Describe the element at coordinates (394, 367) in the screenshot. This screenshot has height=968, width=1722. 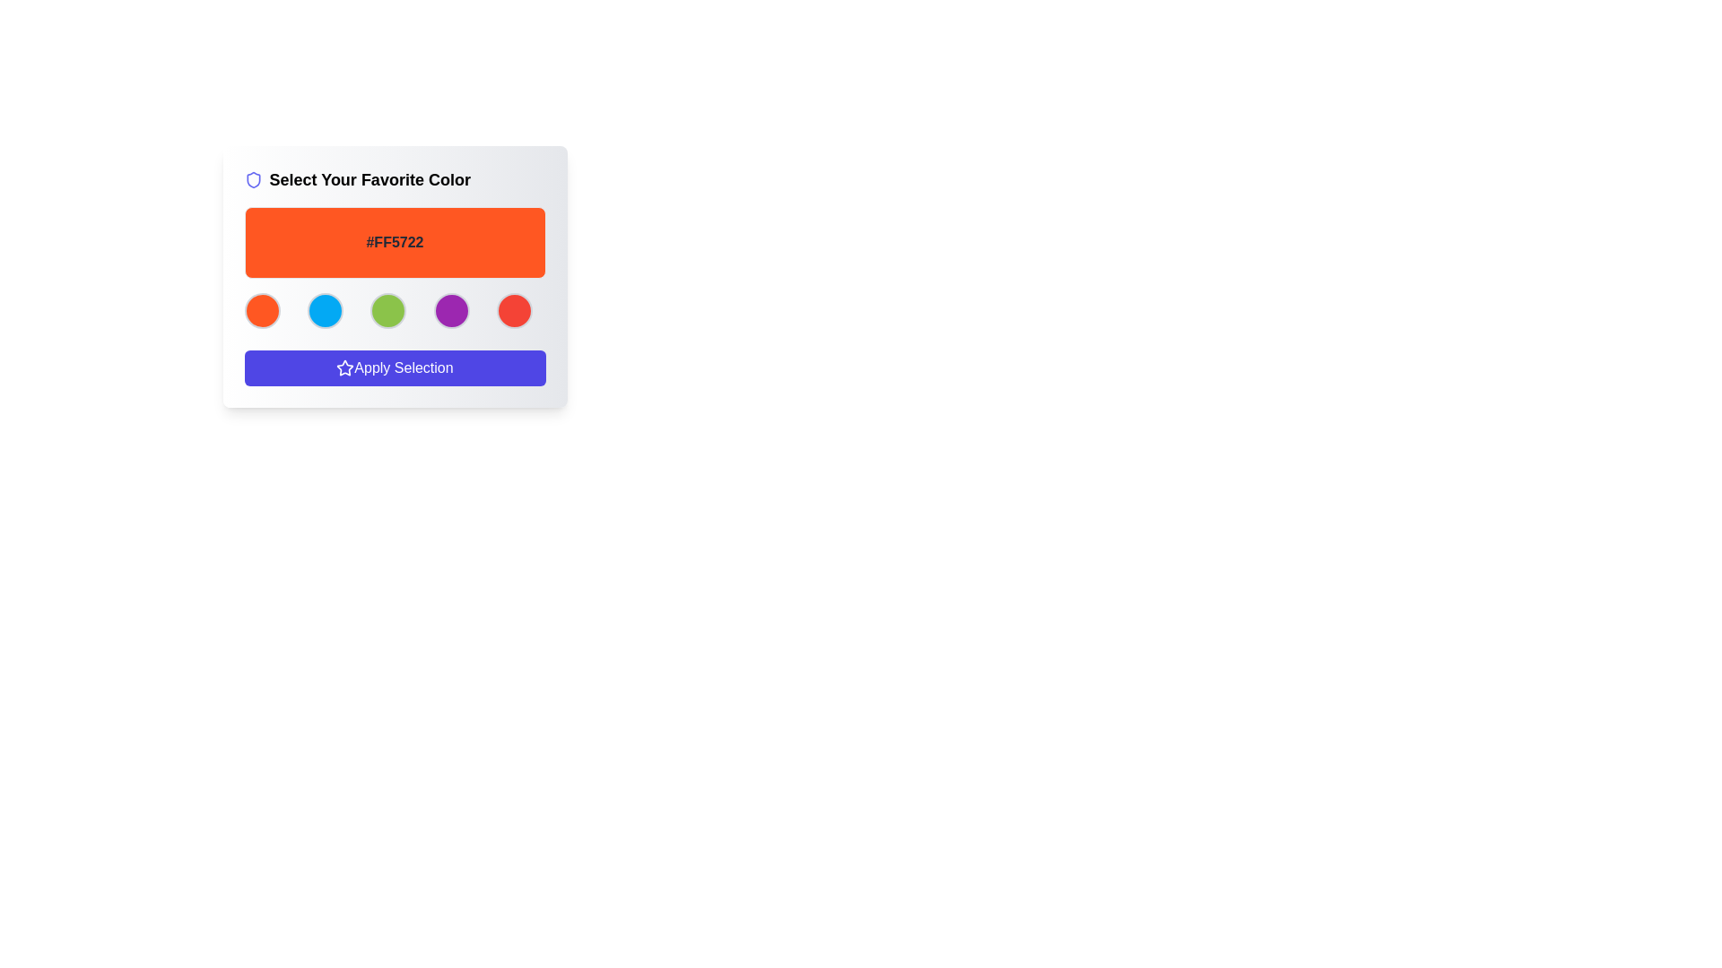
I see `the 'Apply Selection' button, which is a rectangular button with a gradient indigo background and white text, located at the bottom of the card layout` at that location.